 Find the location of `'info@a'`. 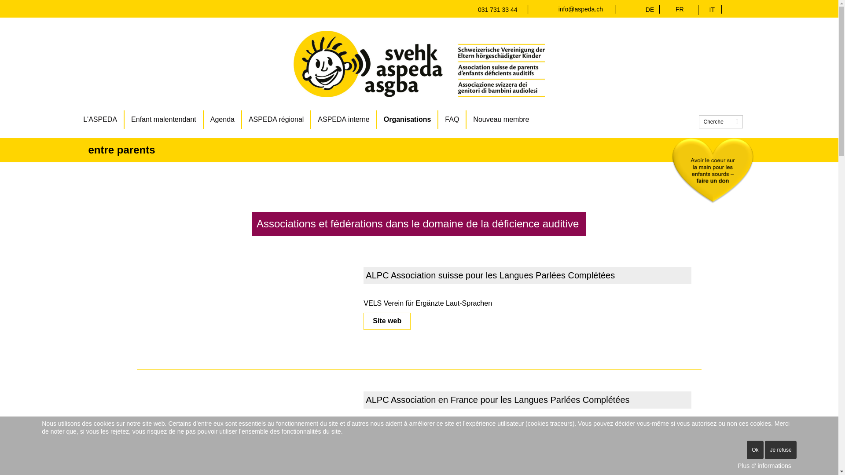

'info@a' is located at coordinates (558, 9).